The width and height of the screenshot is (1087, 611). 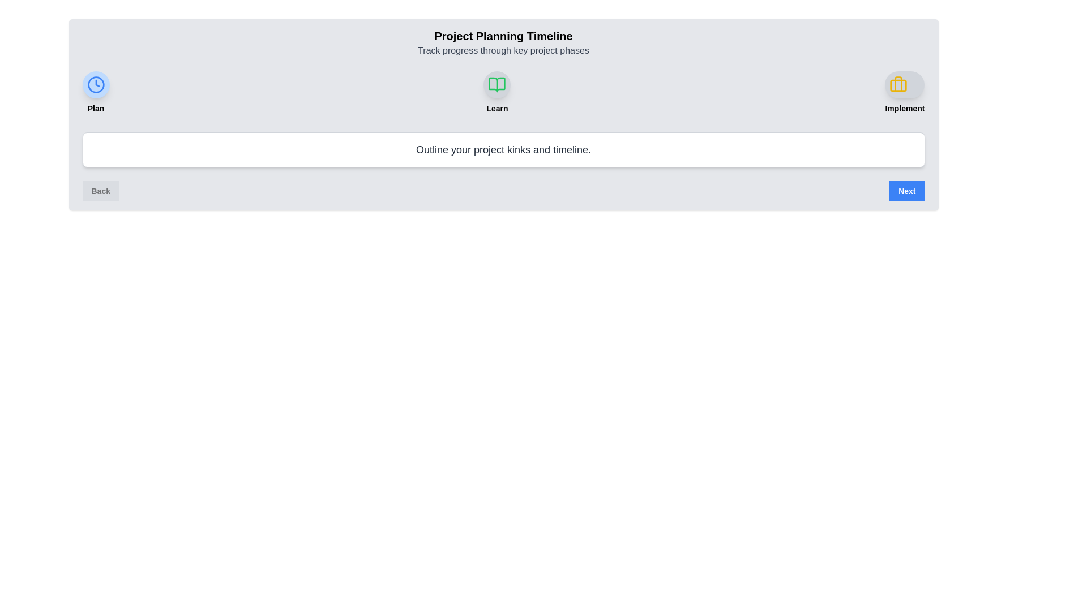 I want to click on the milestone icon corresponding to Implement to view its description, so click(x=904, y=84).